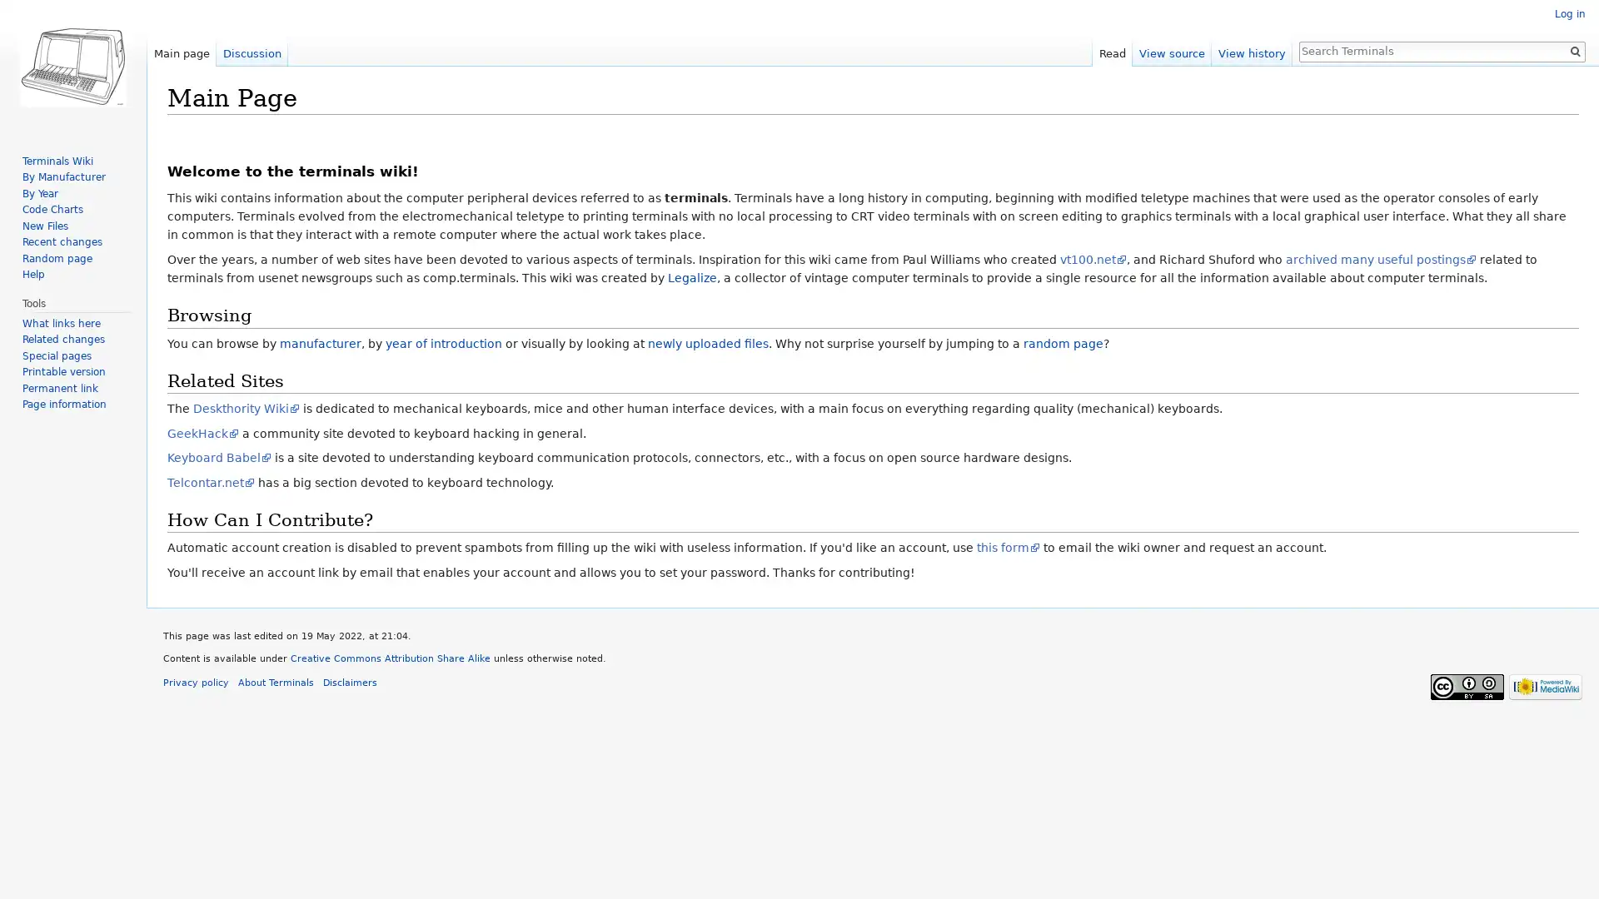 This screenshot has width=1599, height=899. I want to click on Go, so click(1574, 50).